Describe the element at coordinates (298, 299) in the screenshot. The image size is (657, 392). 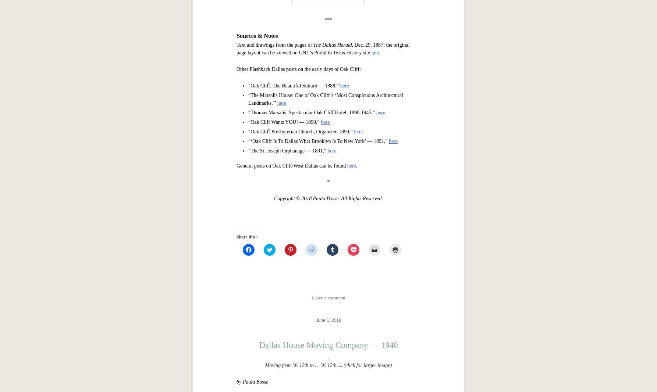
I see `'Other Flashback Dallas posts on the early days of Oak Cliff:'` at that location.